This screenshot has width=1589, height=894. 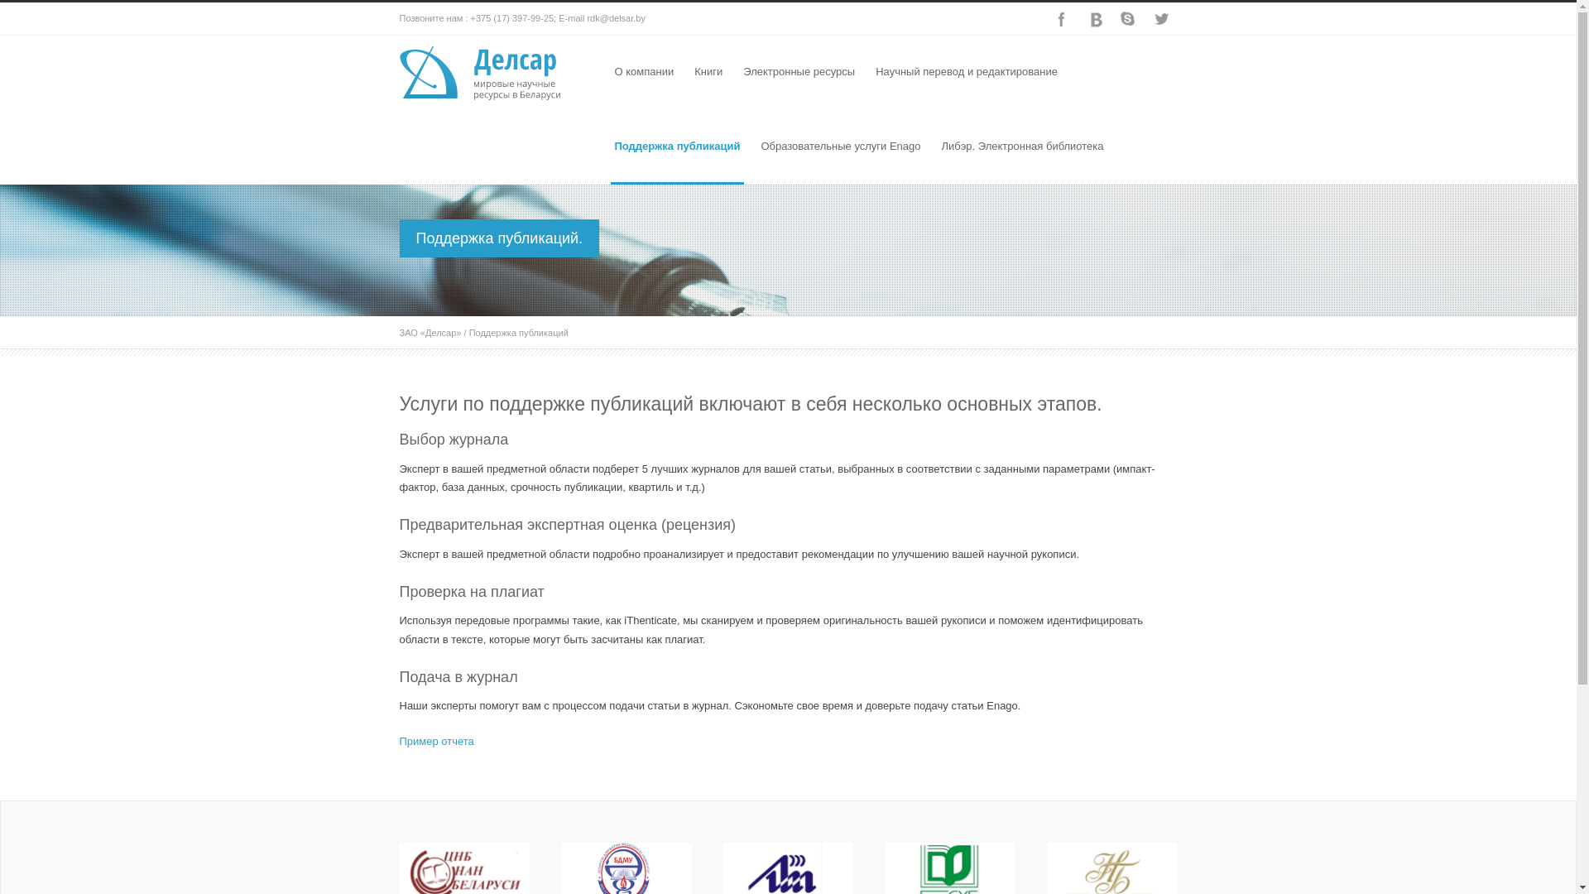 I want to click on 'Facebook', so click(x=1060, y=19).